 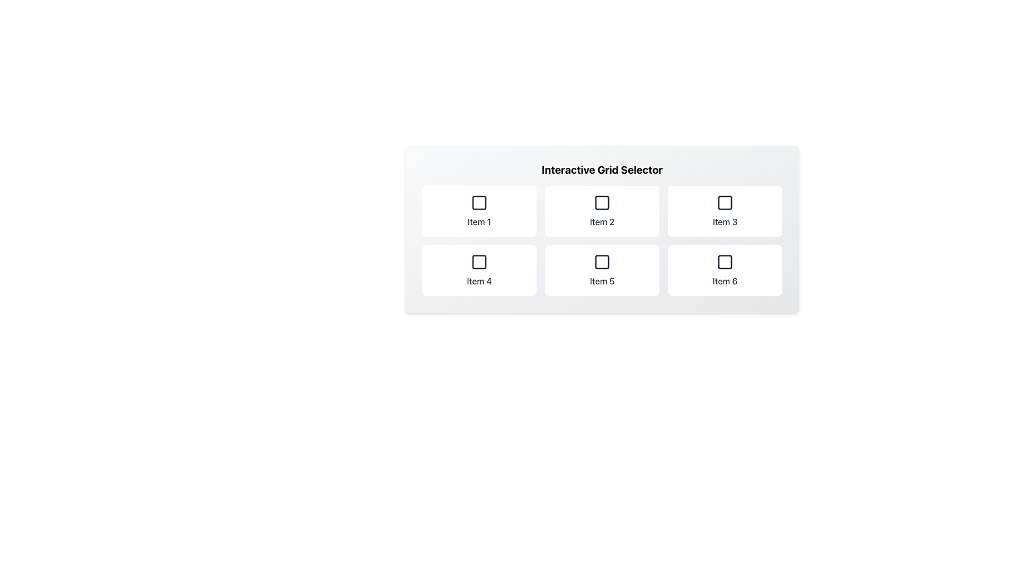 What do you see at coordinates (724, 202) in the screenshot?
I see `the minimalist checkbox located in the third square of the top row within the 'Interactive Grid Selector' section` at bounding box center [724, 202].